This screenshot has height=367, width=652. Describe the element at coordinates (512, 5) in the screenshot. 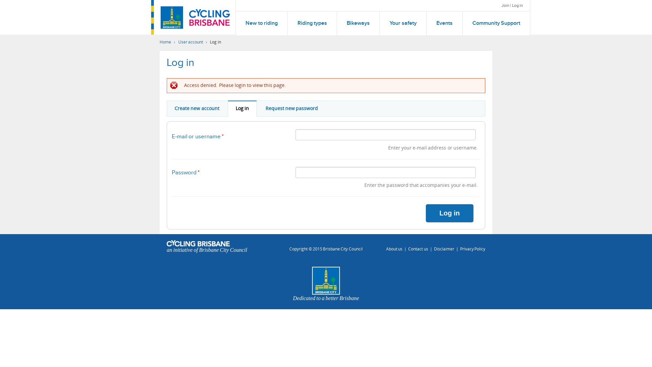

I see `'Join | Log in'` at that location.